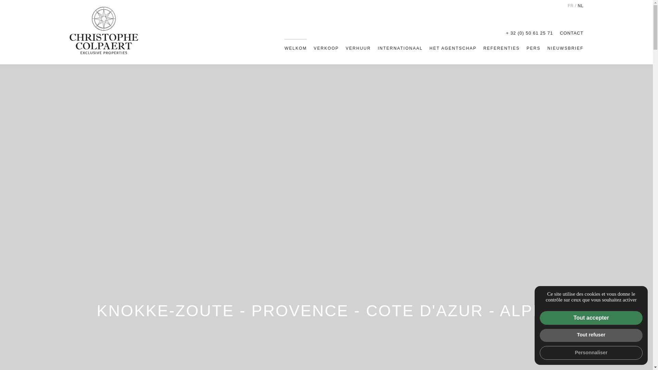 This screenshot has height=370, width=658. Describe the element at coordinates (429, 48) in the screenshot. I see `'HET AGENTSCHAP'` at that location.